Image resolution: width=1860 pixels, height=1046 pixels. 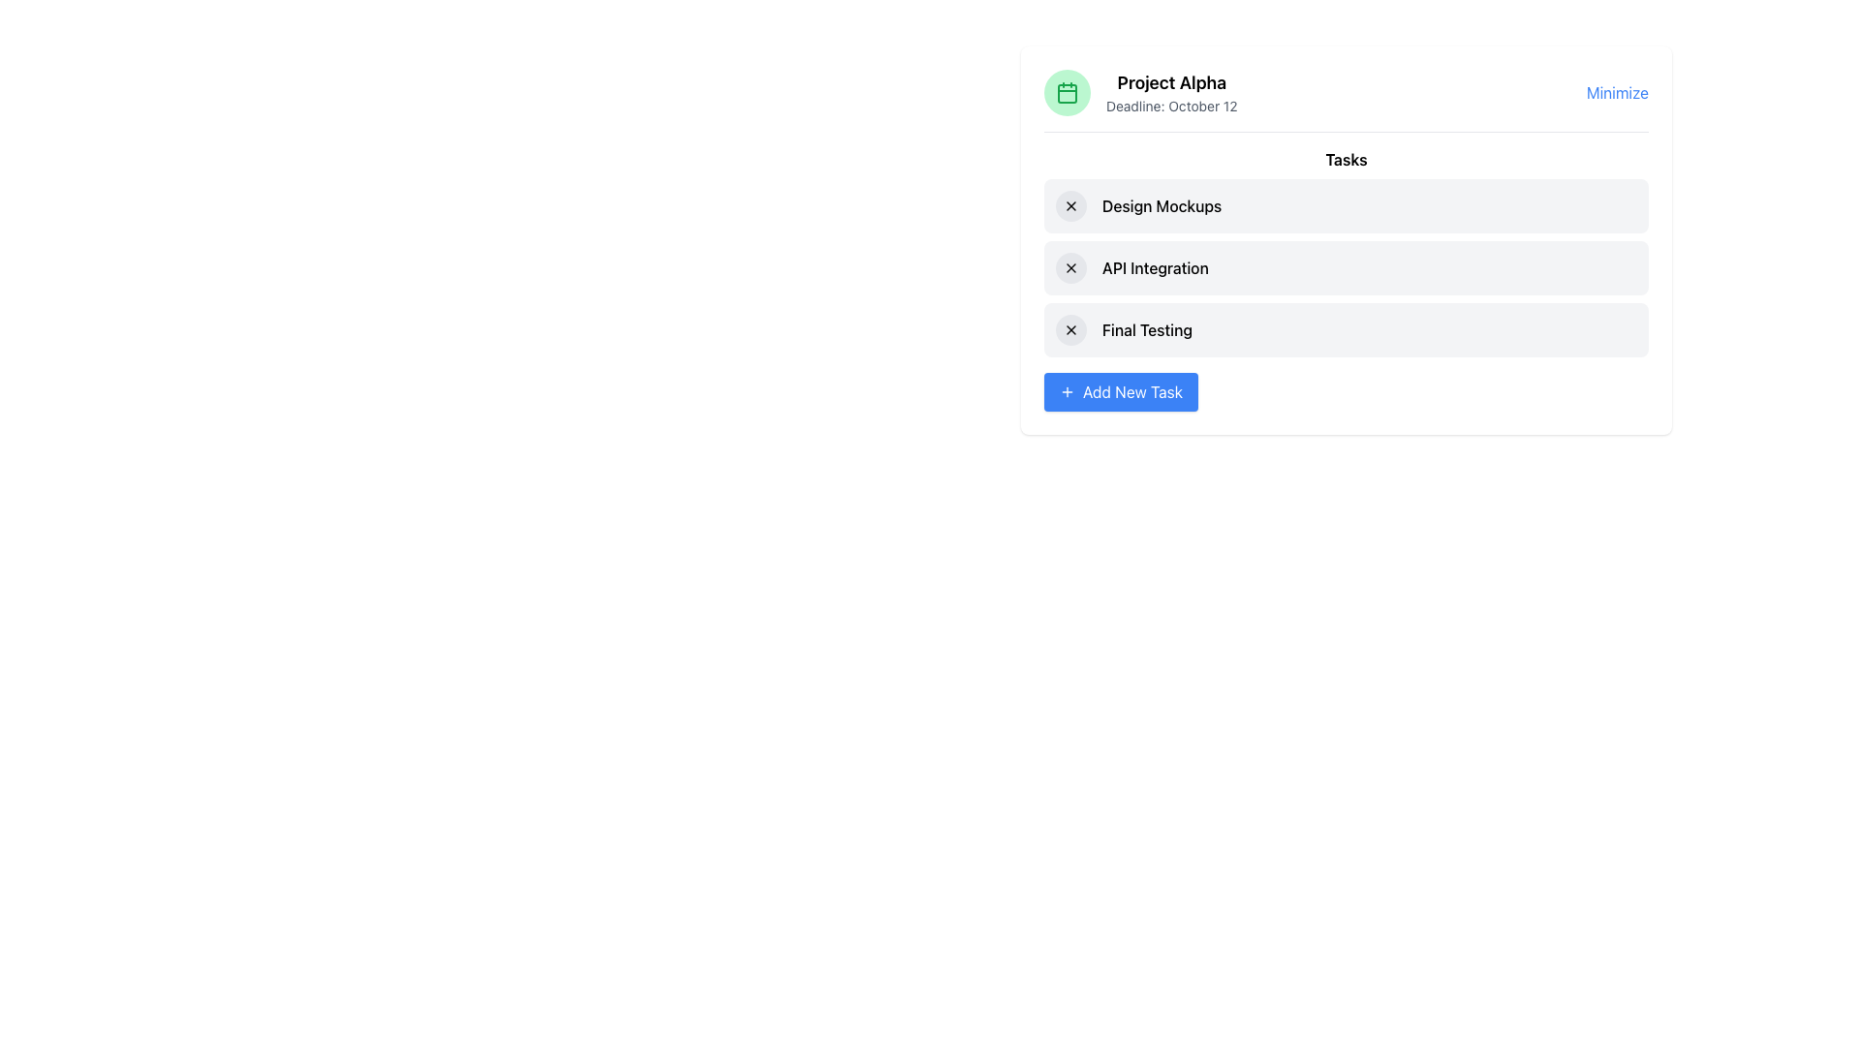 I want to click on the non-interactive text label displaying the task name 'Design Mockups' within the first task item of the vertical task list, so click(x=1162, y=205).